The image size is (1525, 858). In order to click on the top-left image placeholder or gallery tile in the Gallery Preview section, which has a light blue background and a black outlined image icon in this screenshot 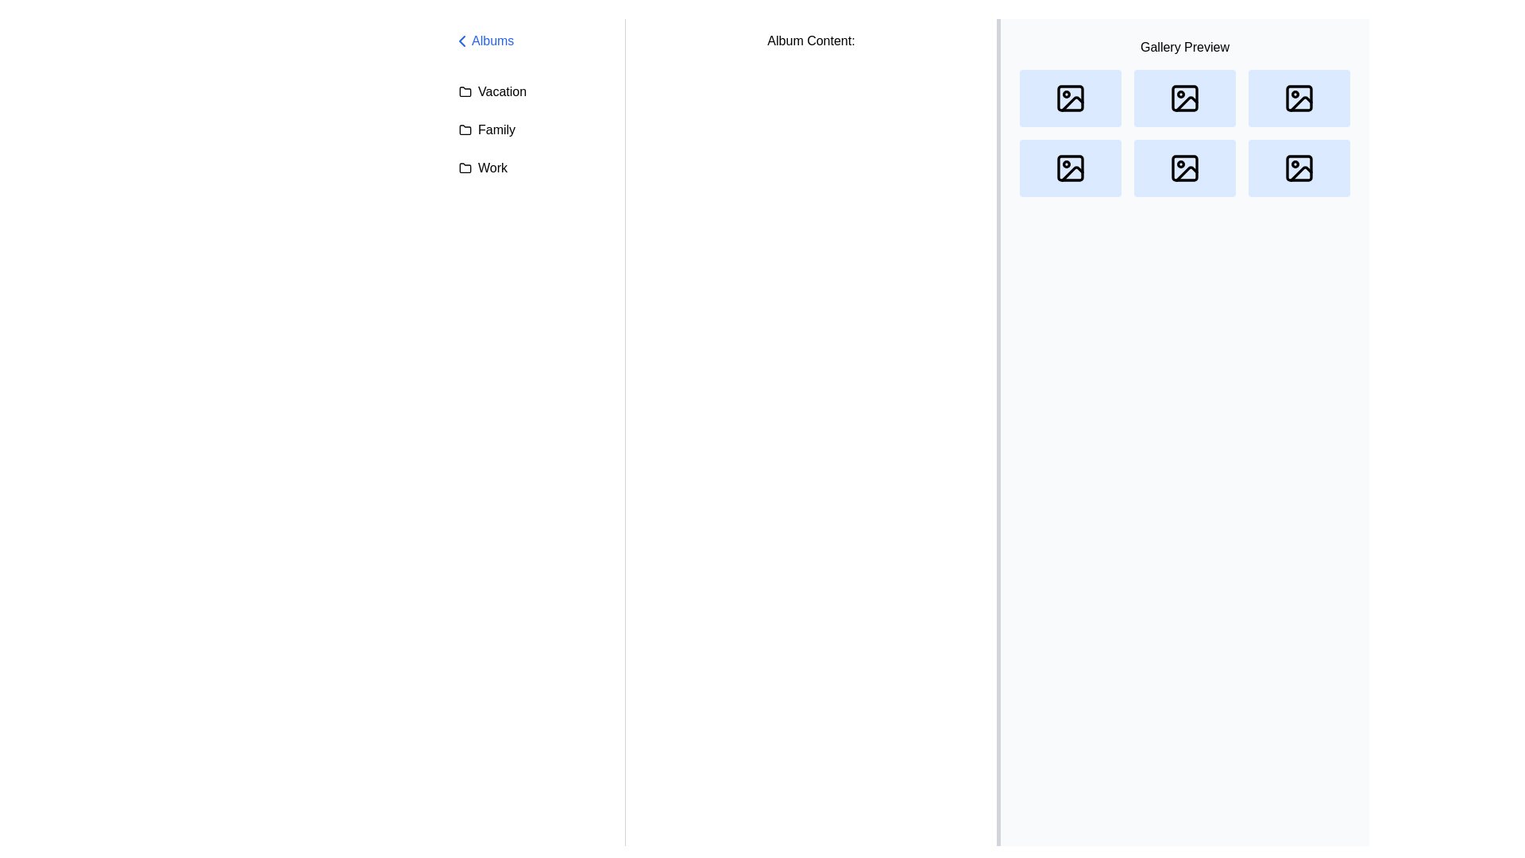, I will do `click(1071, 98)`.